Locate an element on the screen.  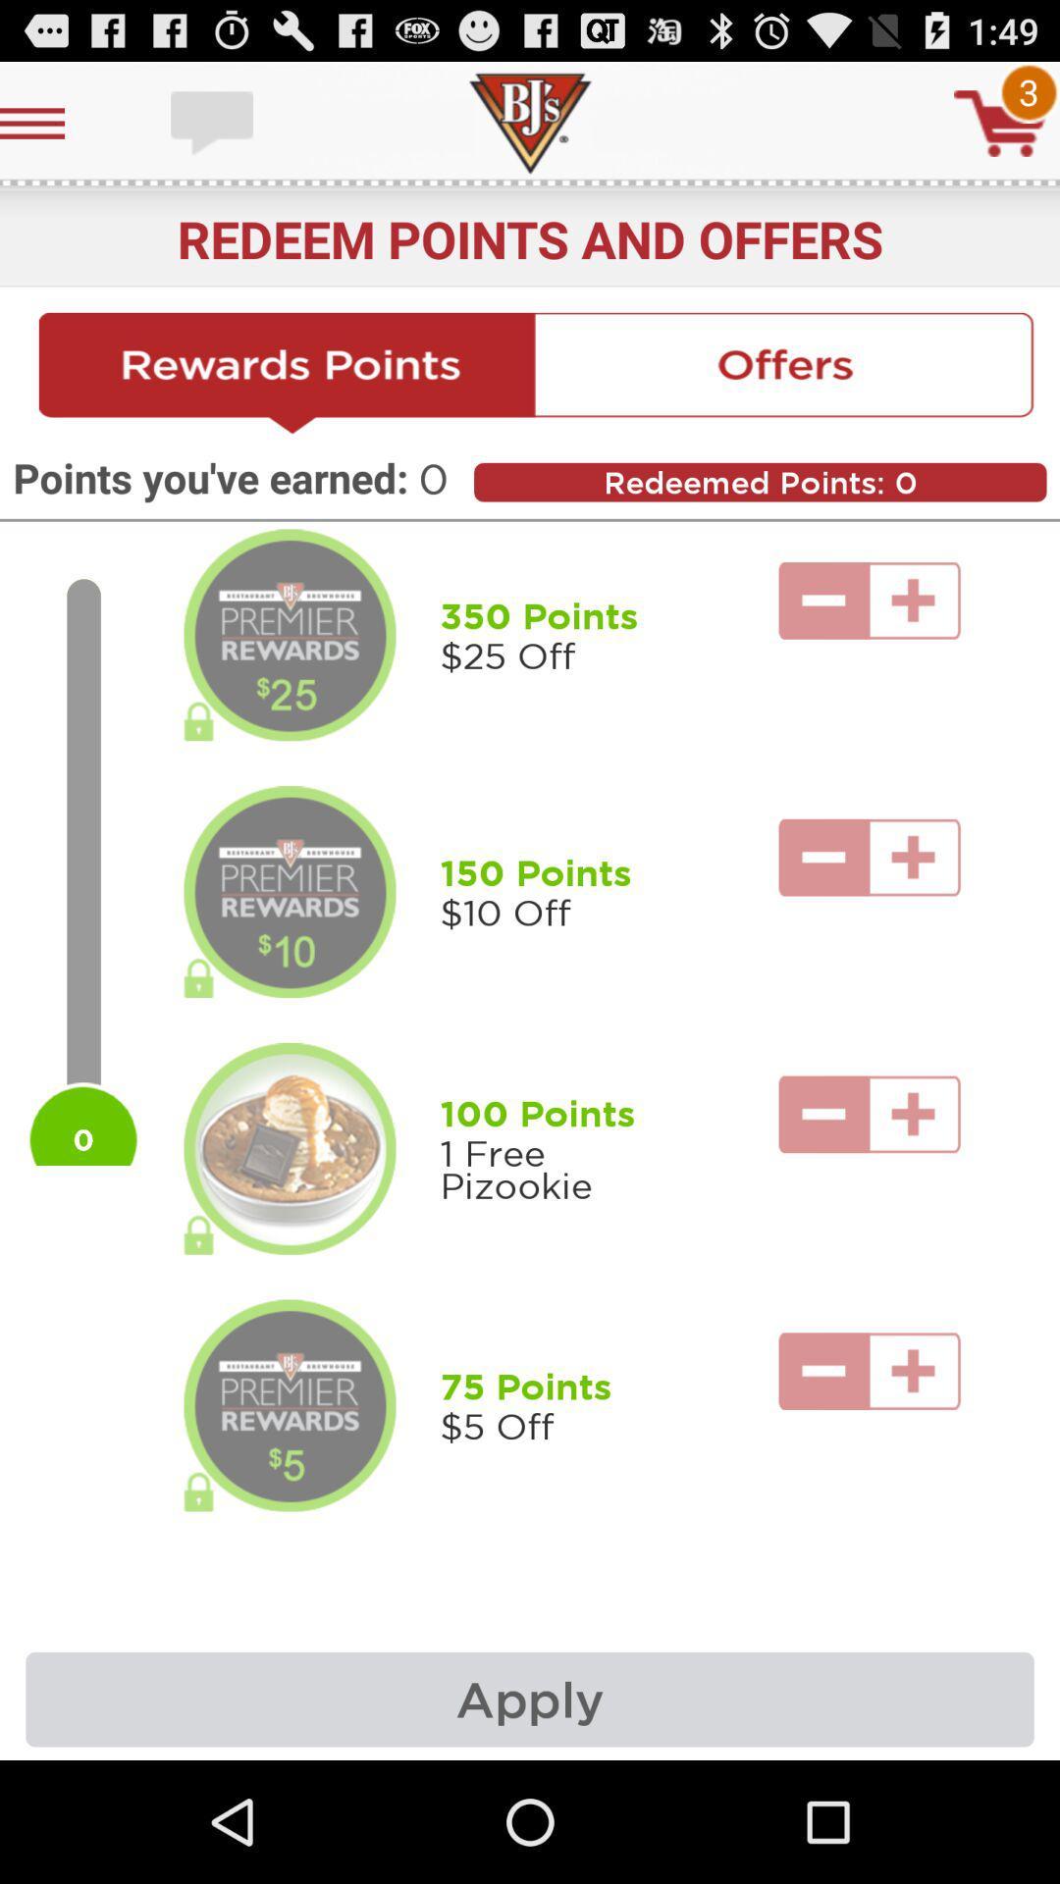
icon to open reward is located at coordinates (290, 891).